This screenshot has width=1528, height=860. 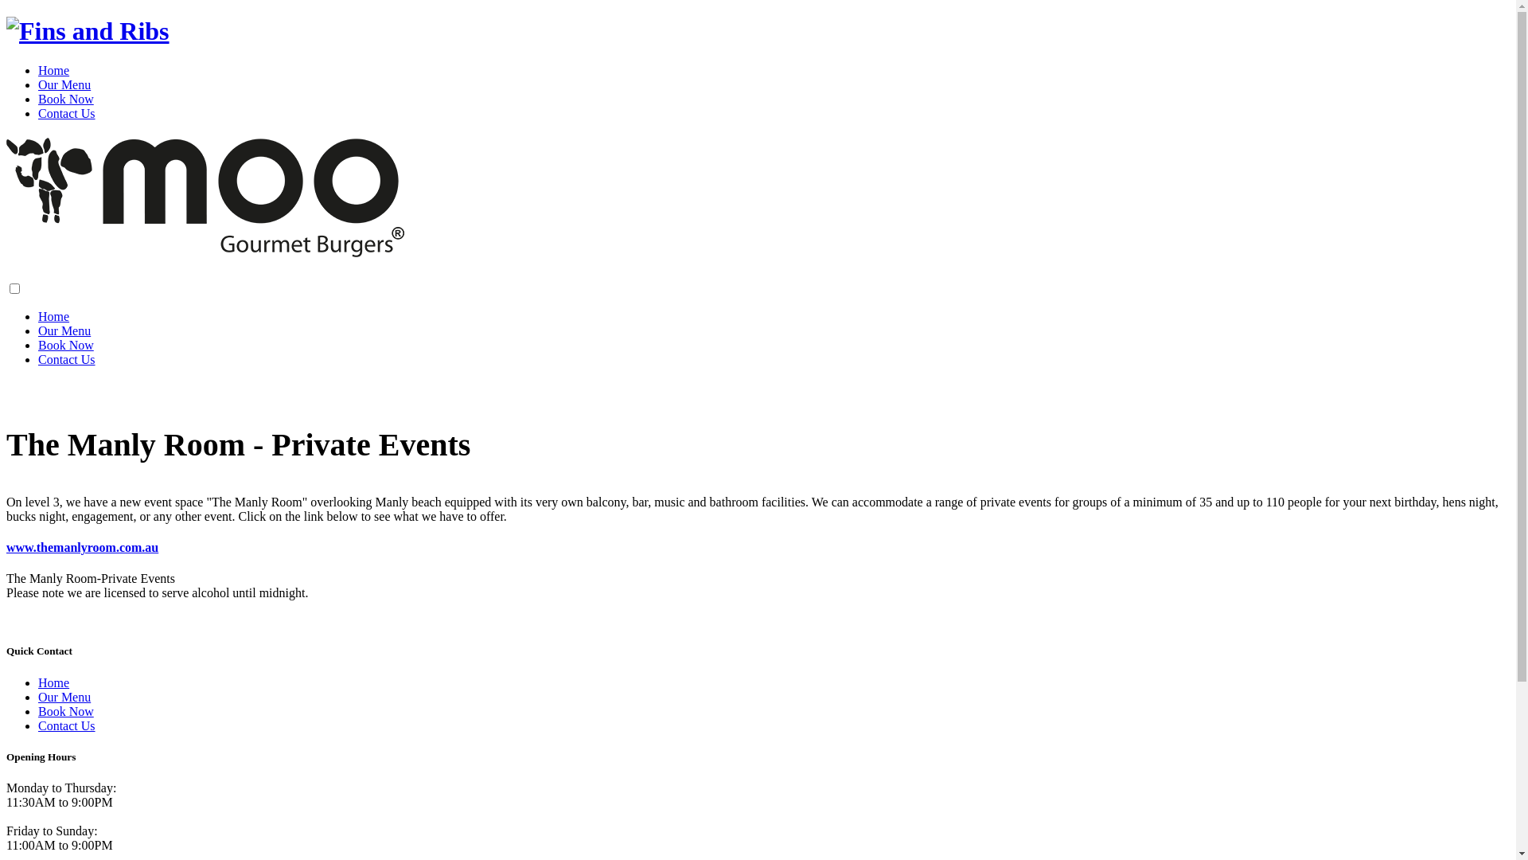 I want to click on 'Home', so click(x=53, y=316).